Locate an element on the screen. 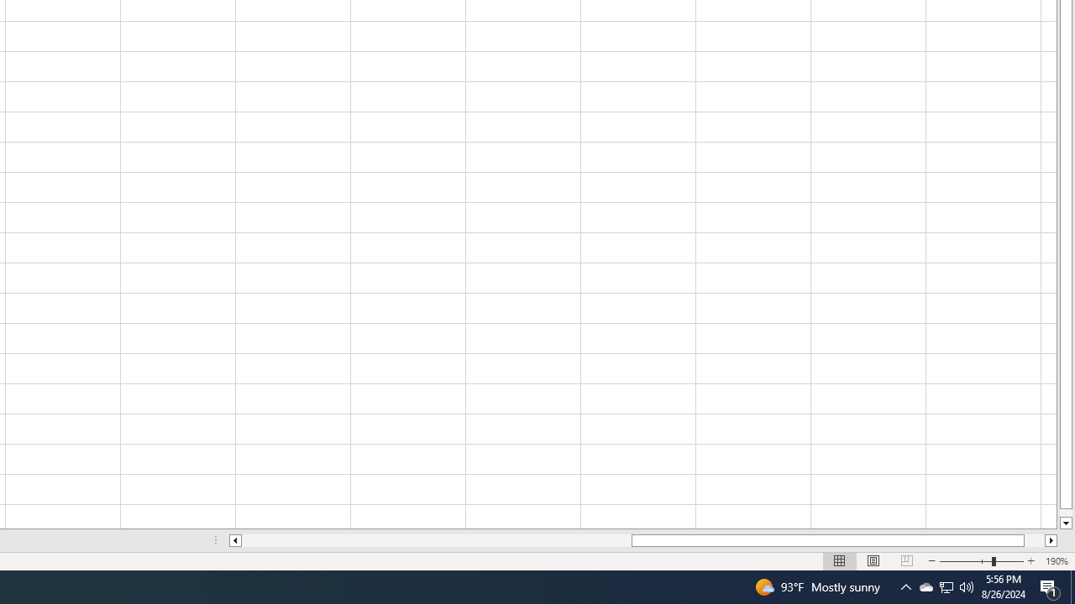 The width and height of the screenshot is (1075, 604). 'Line down' is located at coordinates (1065, 523).